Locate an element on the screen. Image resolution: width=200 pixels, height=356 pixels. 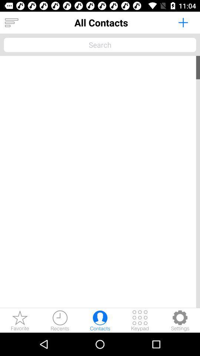
the time icon is located at coordinates (60, 320).